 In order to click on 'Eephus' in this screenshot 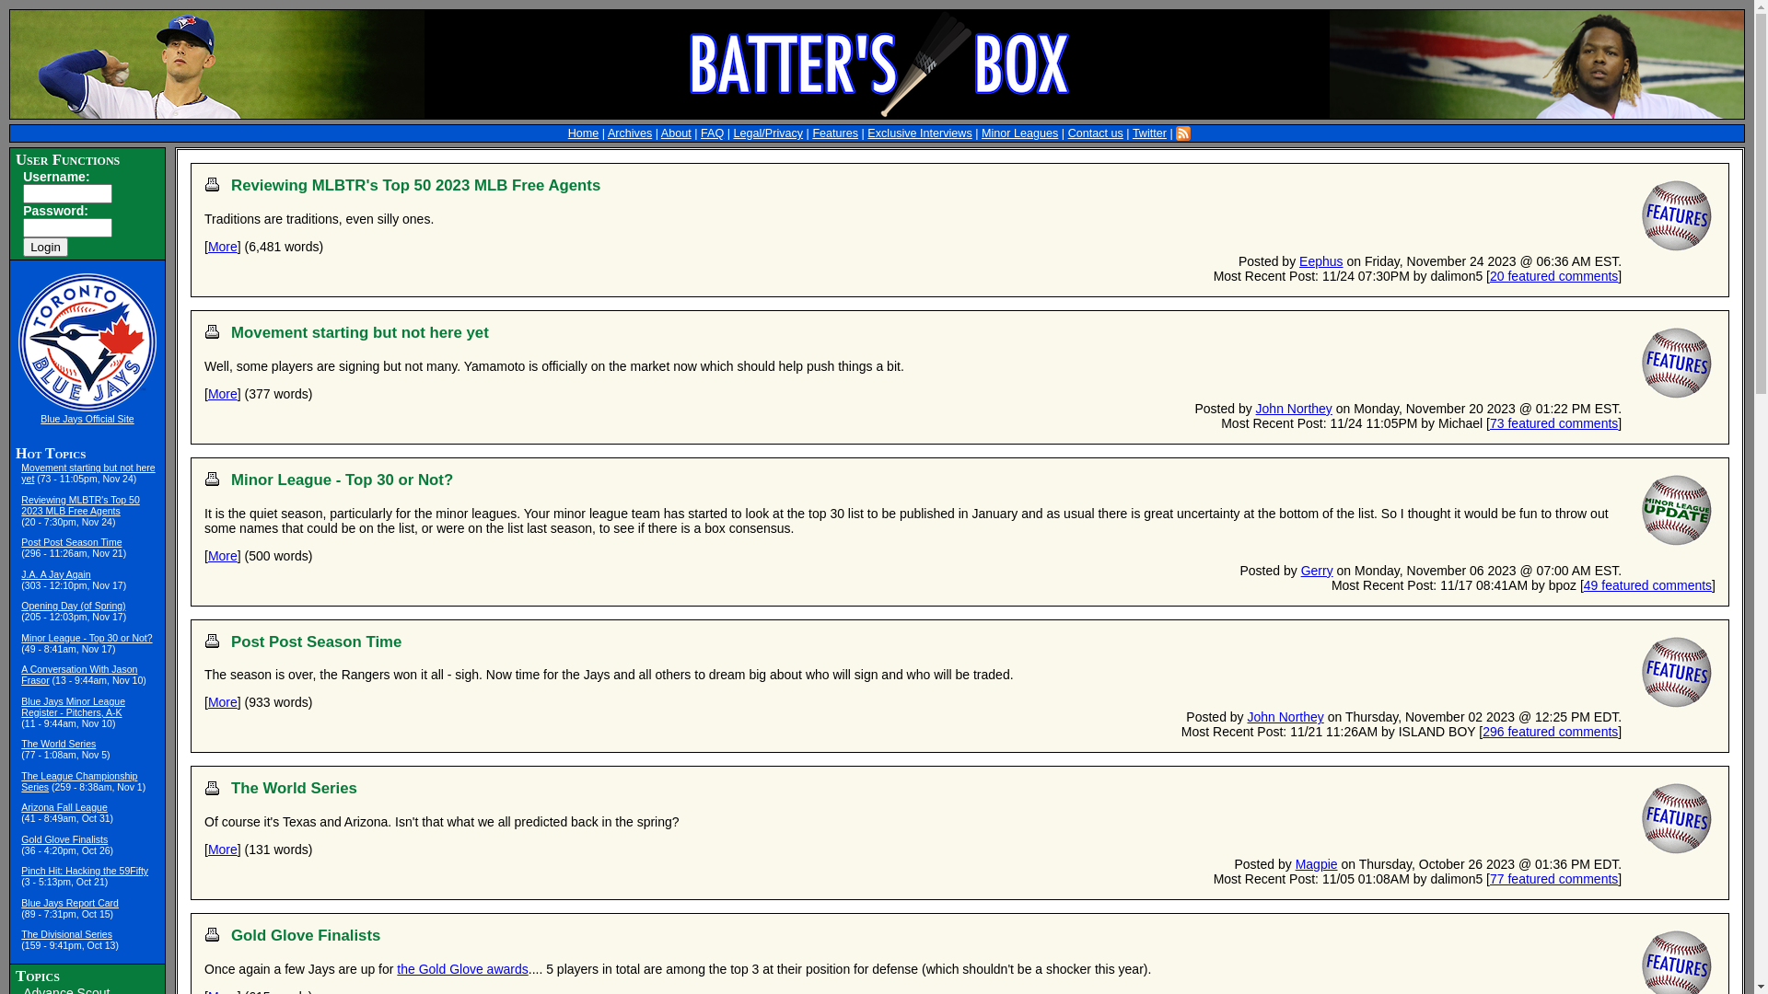, I will do `click(1298, 261)`.